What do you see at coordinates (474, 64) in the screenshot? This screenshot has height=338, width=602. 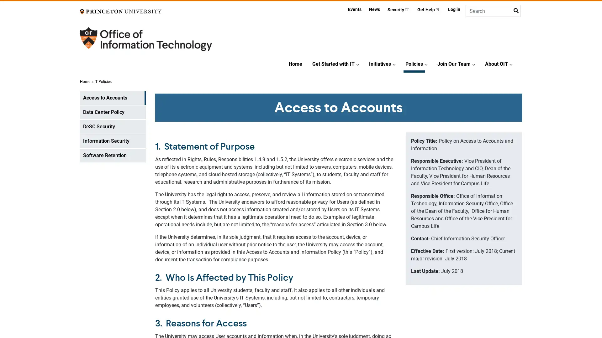 I see `Join Our TeamSubmenu` at bounding box center [474, 64].